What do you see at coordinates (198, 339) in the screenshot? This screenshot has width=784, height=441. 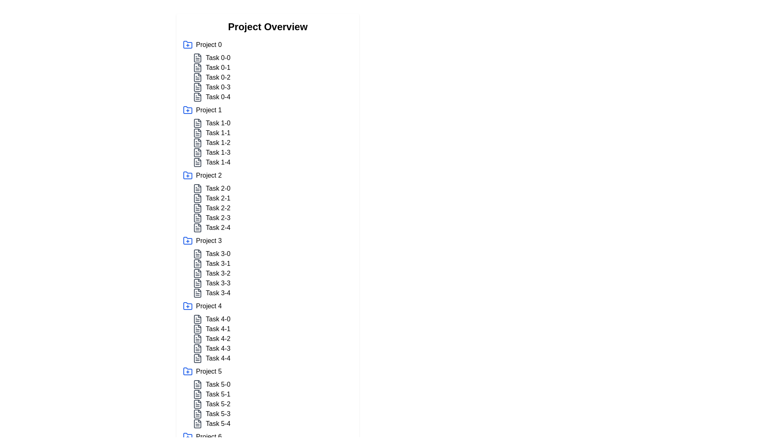 I see `the Document icon located beside the text 'Task 4-2' under 'Project 4'` at bounding box center [198, 339].